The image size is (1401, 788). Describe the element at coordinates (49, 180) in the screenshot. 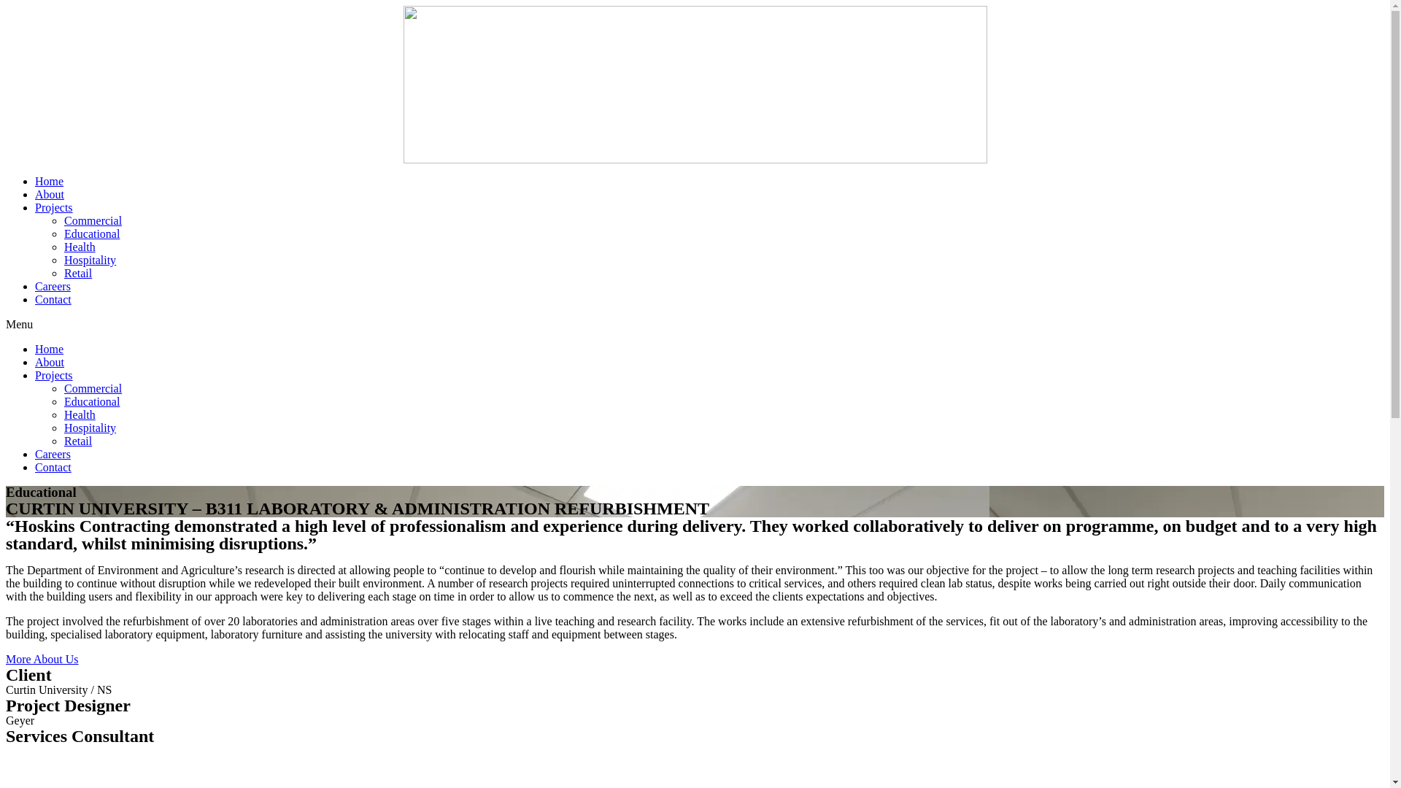

I see `'Home'` at that location.